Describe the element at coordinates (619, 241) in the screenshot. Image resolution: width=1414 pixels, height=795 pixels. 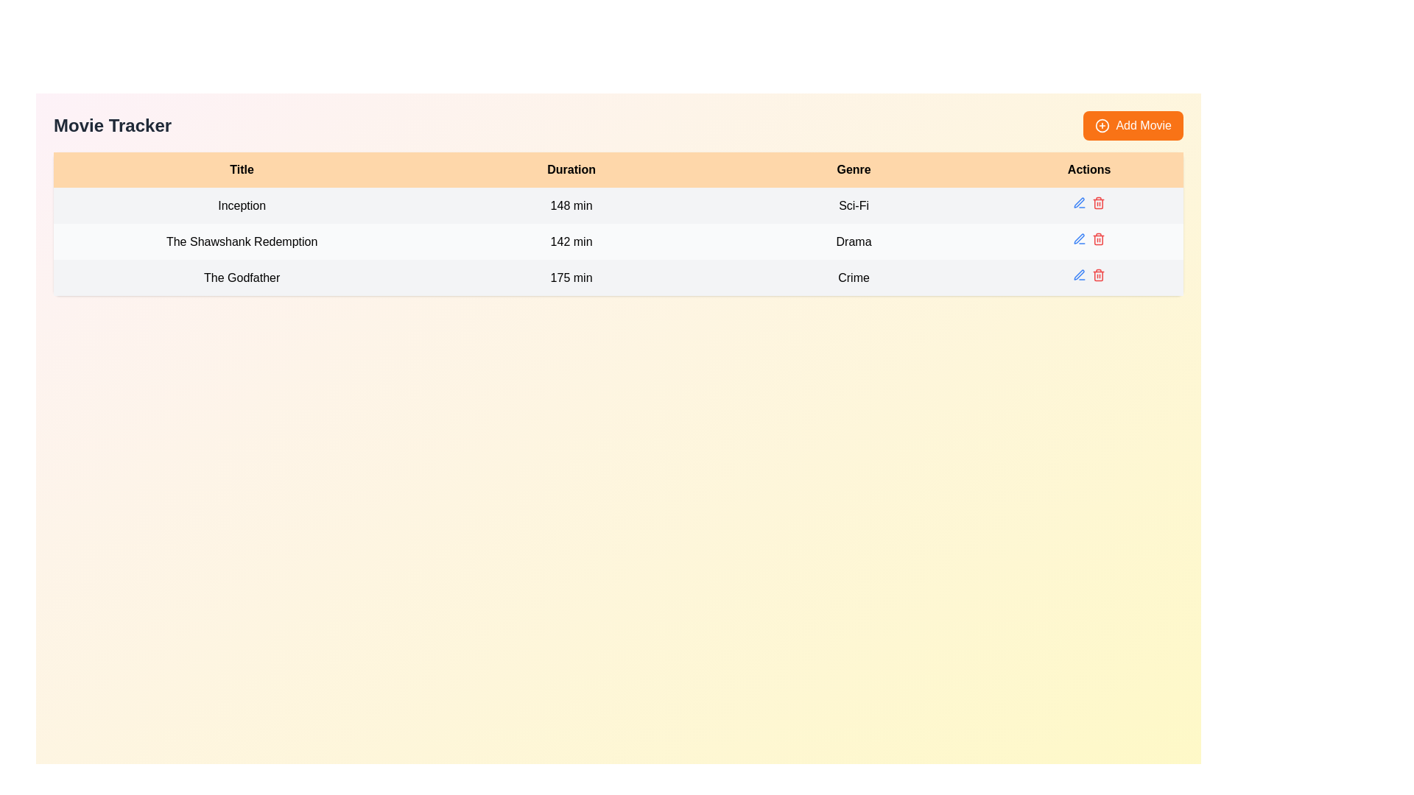
I see `the table row containing the title 'The Shawshank Redemption', which is the second row in the table layout` at that location.